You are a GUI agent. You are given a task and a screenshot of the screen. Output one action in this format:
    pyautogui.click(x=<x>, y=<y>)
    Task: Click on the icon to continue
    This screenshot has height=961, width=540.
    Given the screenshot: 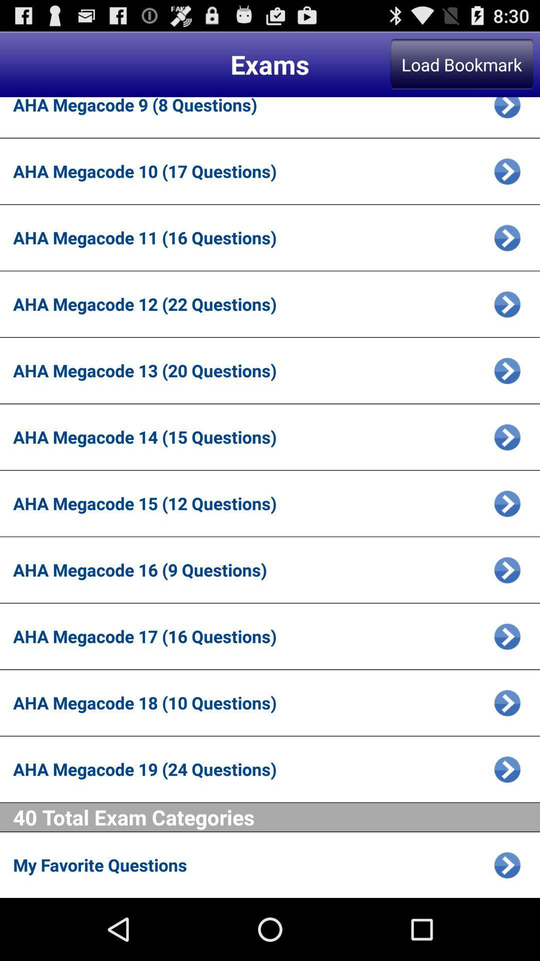 What is the action you would take?
    pyautogui.click(x=507, y=370)
    